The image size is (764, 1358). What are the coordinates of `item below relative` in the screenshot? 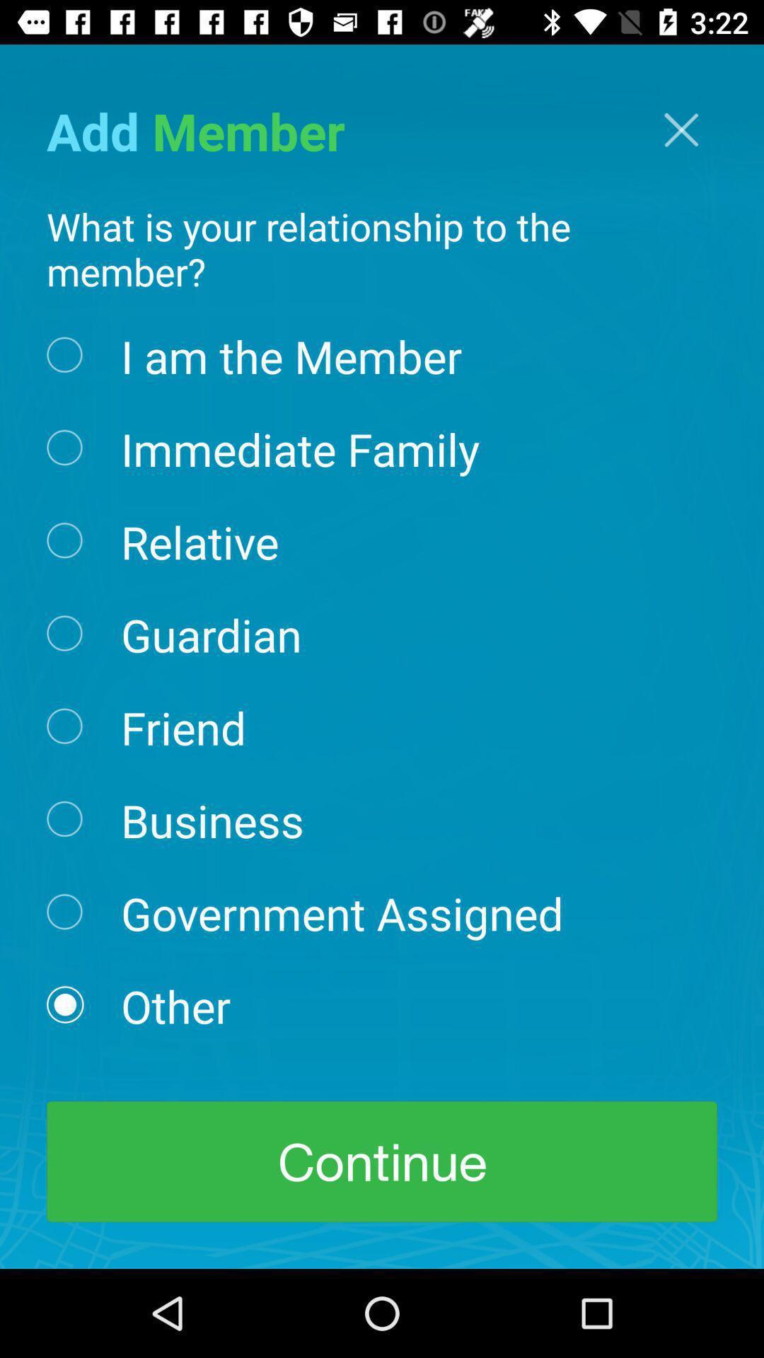 It's located at (211, 633).